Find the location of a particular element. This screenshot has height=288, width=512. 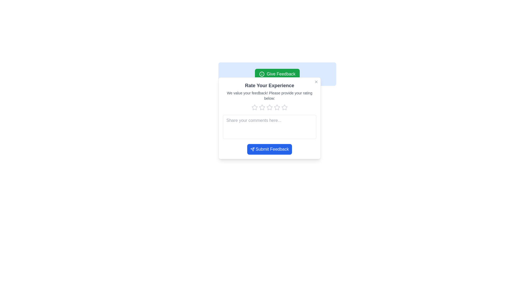

the fifth star icon in the star rating system is located at coordinates (284, 107).